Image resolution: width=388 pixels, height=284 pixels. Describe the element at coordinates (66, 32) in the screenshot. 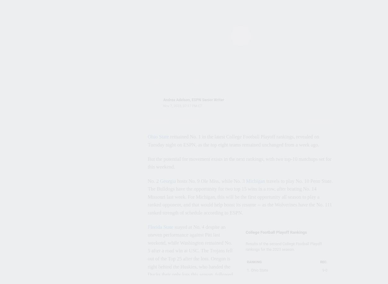

I see `'Jim McCormick'` at that location.